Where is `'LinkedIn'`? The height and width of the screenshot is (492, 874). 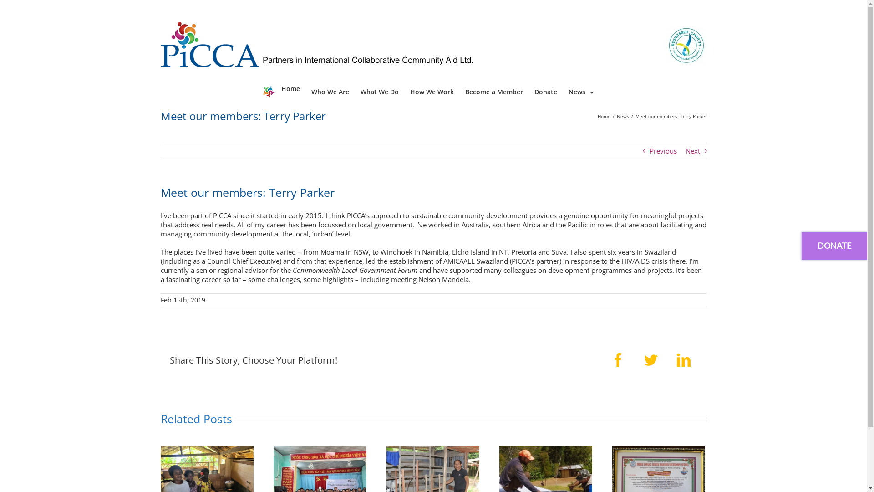 'LinkedIn' is located at coordinates (683, 359).